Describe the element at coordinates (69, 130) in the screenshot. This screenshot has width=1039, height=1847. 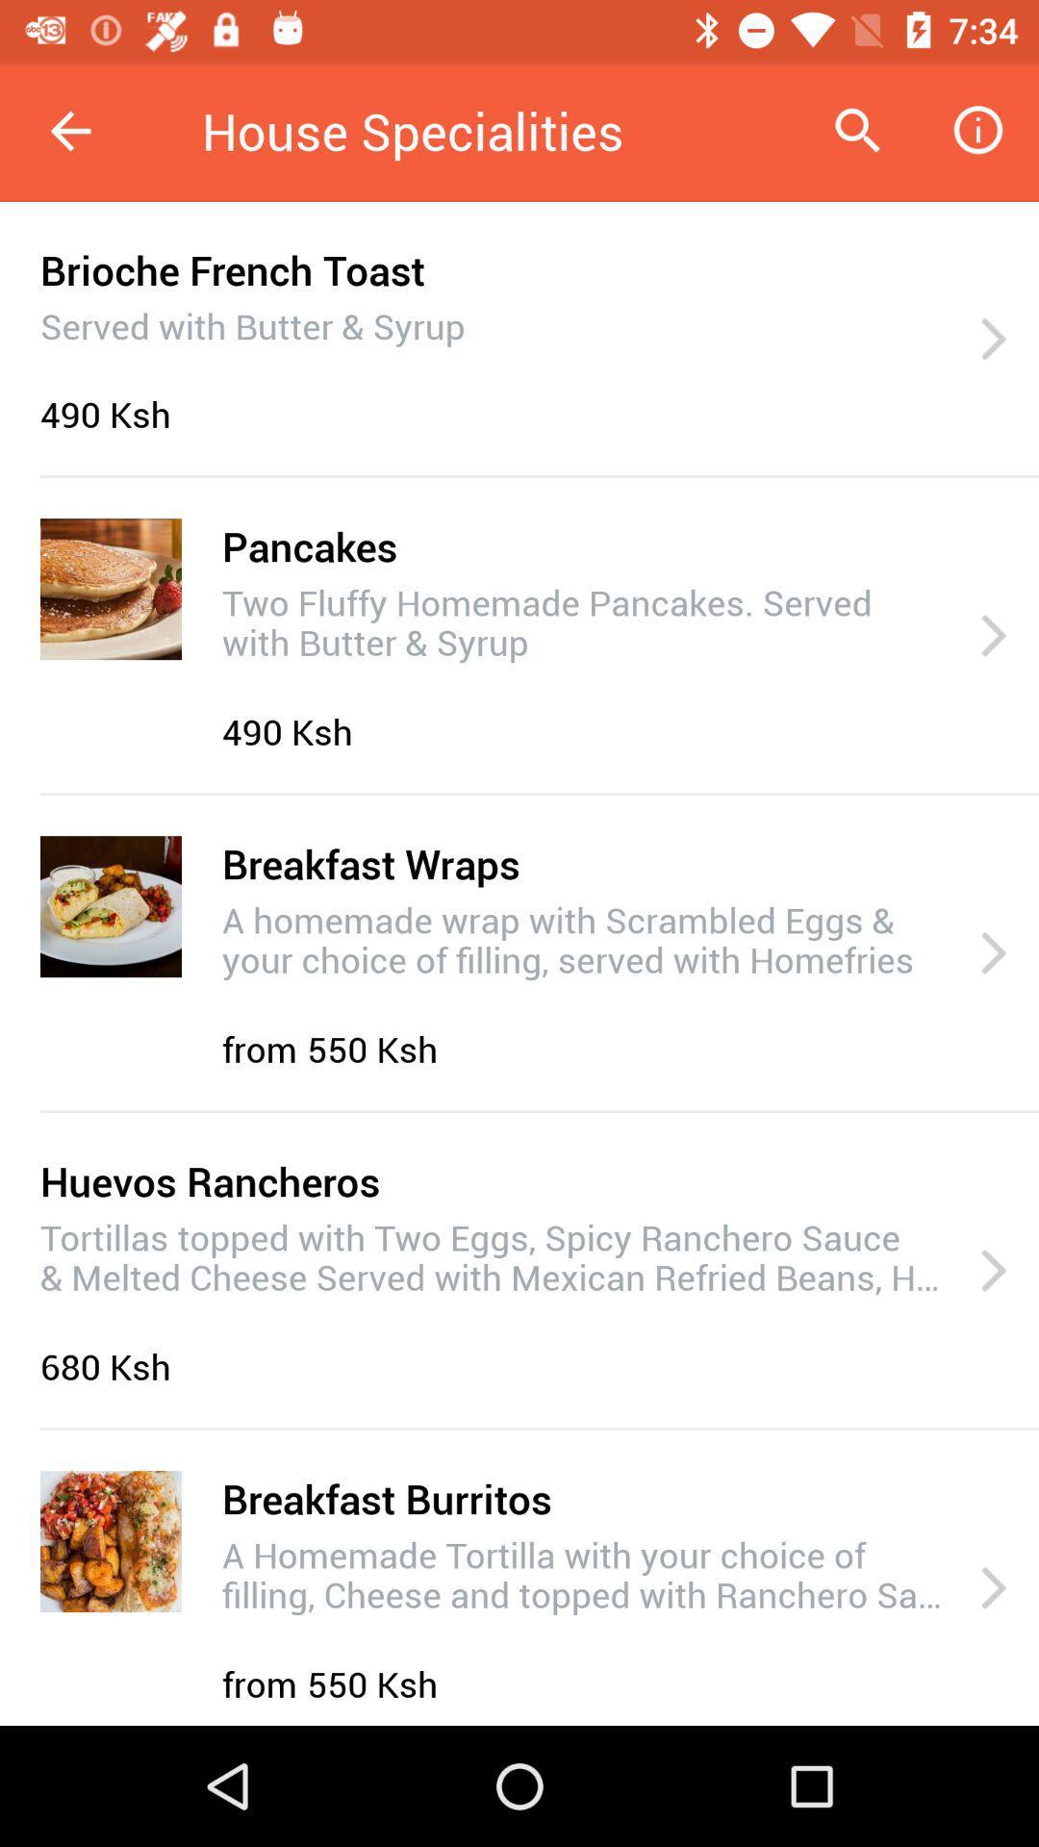
I see `item above the brioche french toast item` at that location.